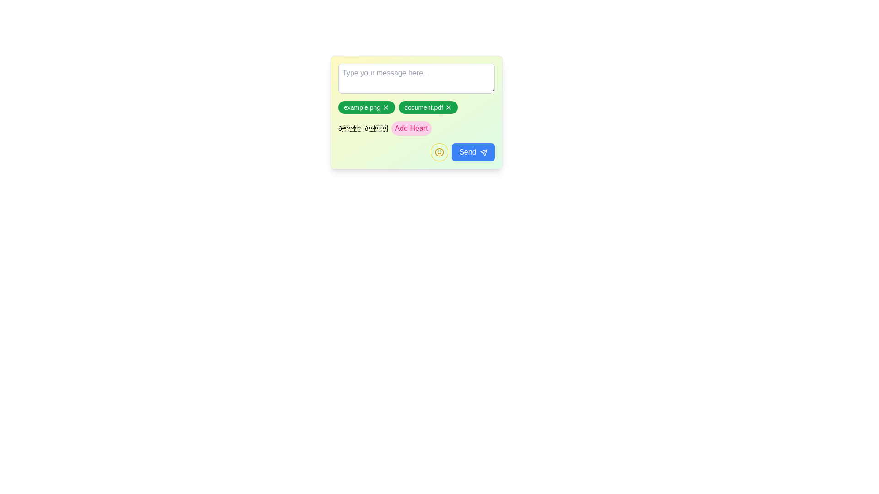 The image size is (879, 494). I want to click on the 'Send' icon, so click(483, 151).